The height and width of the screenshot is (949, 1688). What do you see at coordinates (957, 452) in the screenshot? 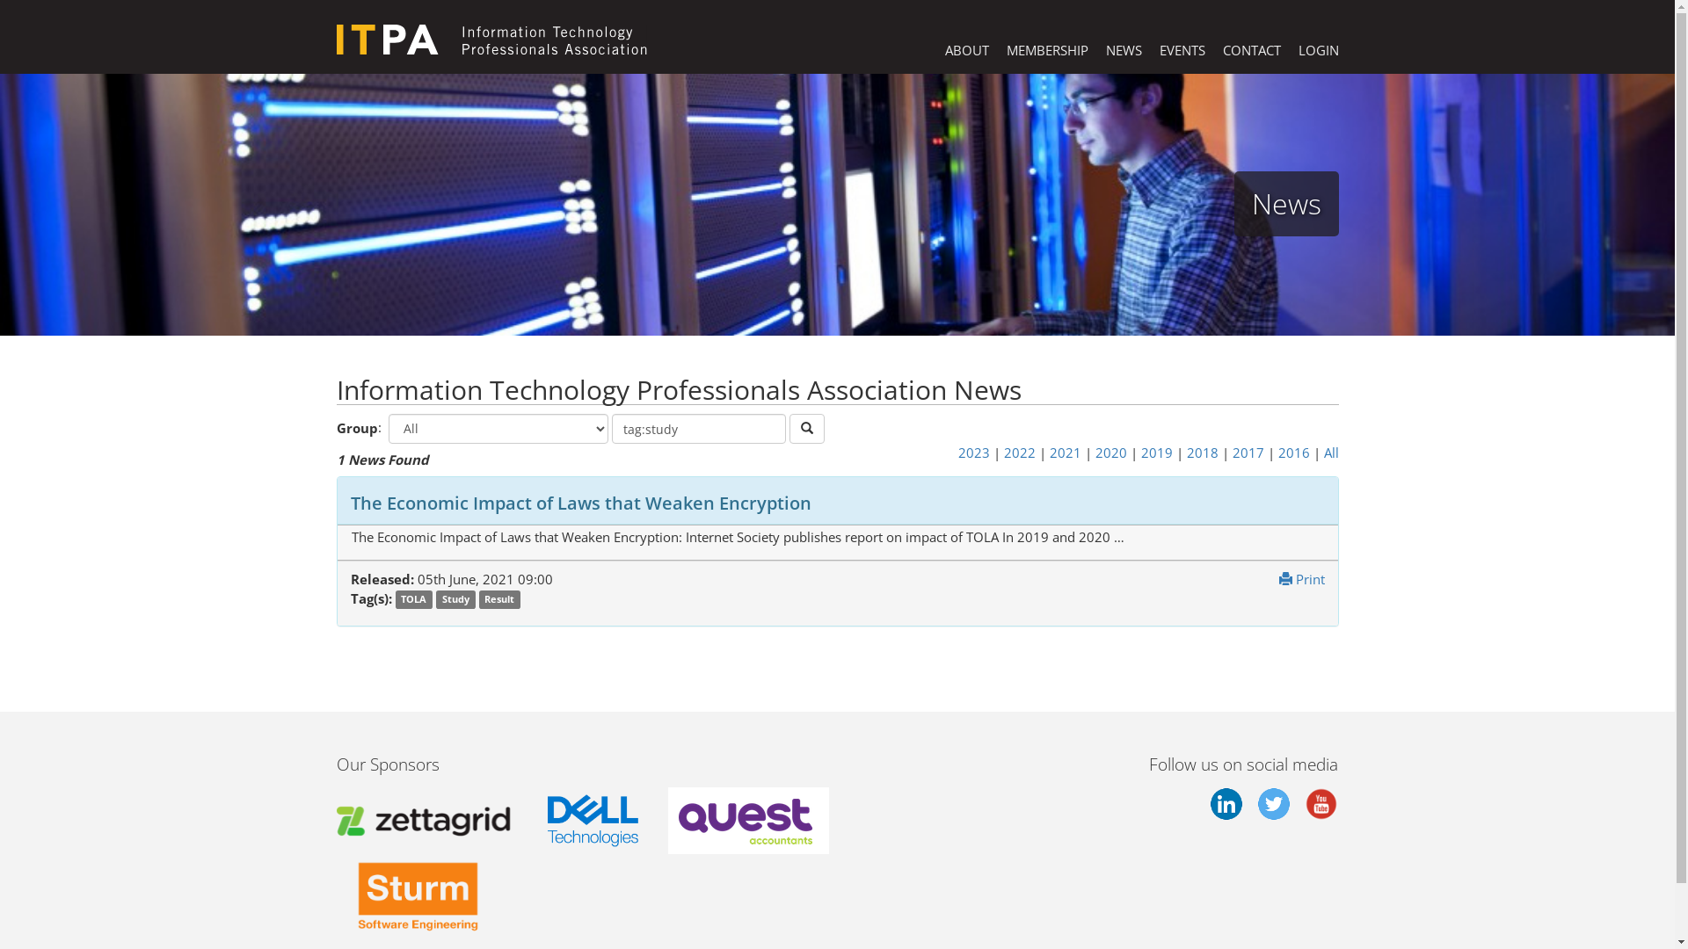
I see `'2023'` at bounding box center [957, 452].